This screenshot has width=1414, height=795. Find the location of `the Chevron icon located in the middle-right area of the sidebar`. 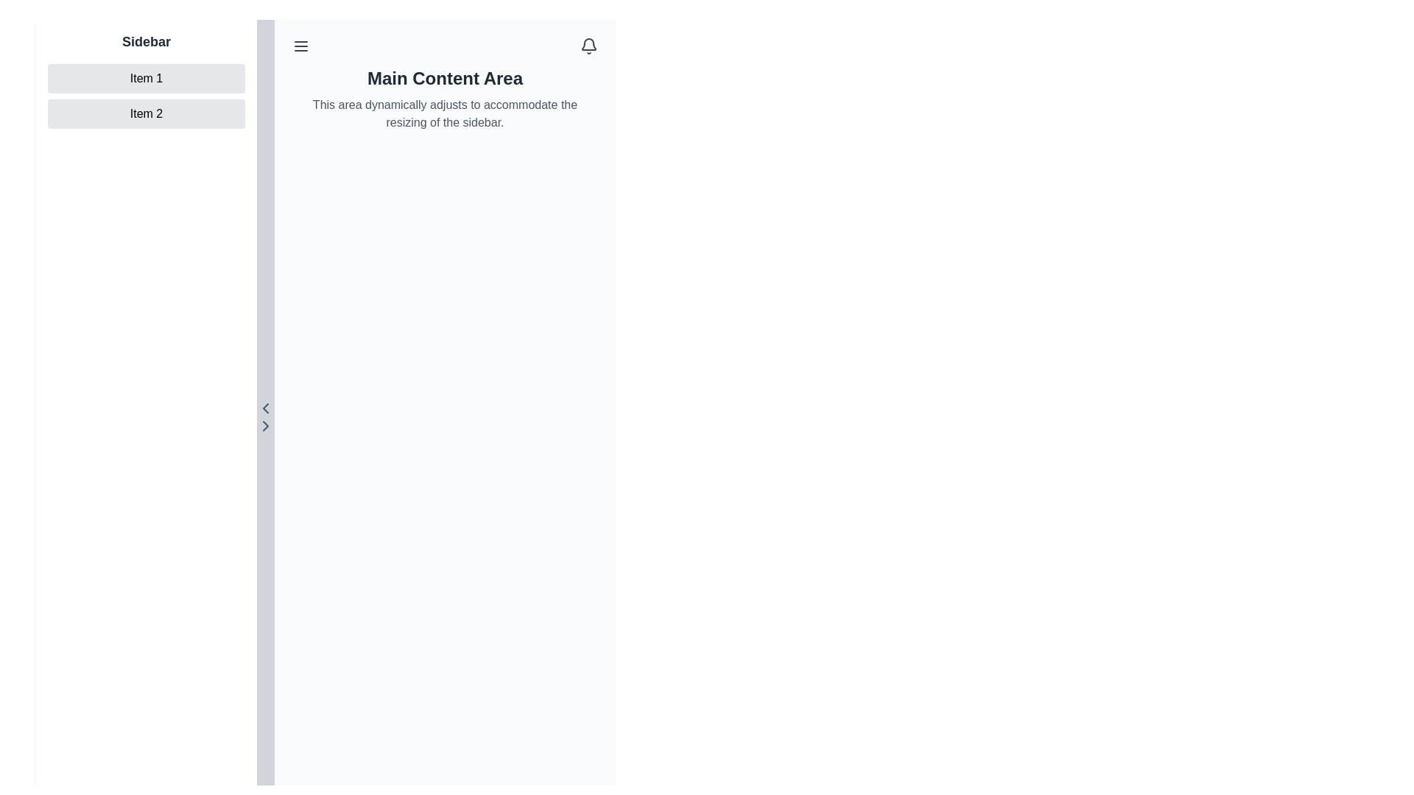

the Chevron icon located in the middle-right area of the sidebar is located at coordinates (265, 425).